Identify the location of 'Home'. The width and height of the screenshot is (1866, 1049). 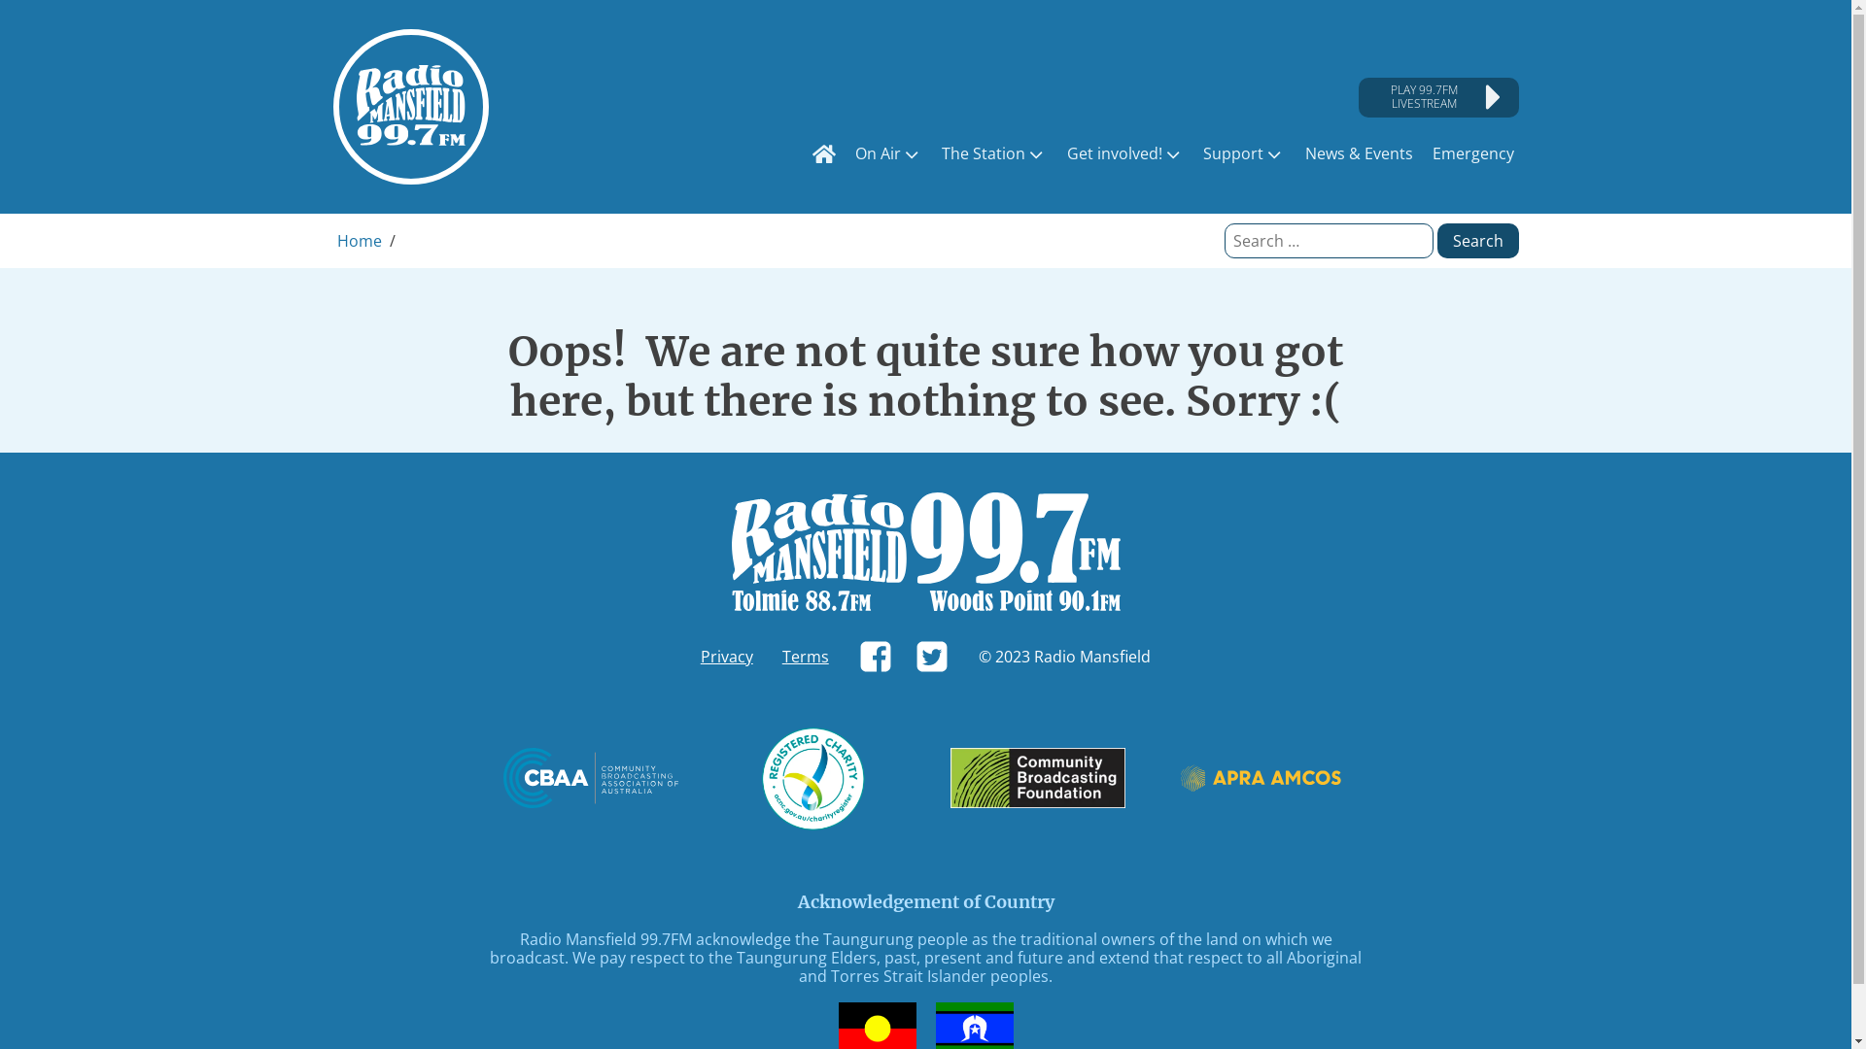
(359, 239).